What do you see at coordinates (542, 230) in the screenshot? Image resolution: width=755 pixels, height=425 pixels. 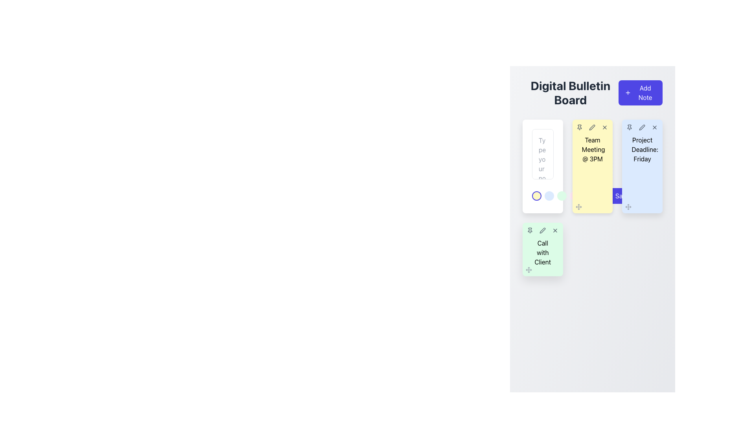 I see `the circular button with a pen icon, located at the top-right corner of the 'Call with Client' card` at bounding box center [542, 230].